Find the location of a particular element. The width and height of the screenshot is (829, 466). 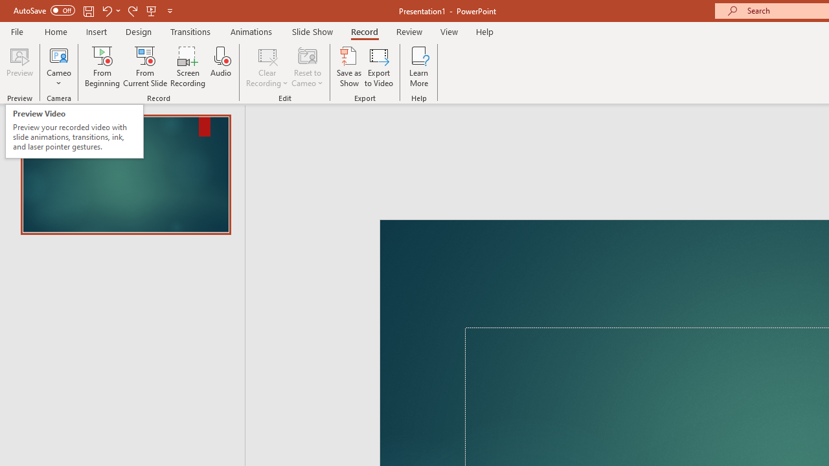

'Save as Show' is located at coordinates (349, 67).